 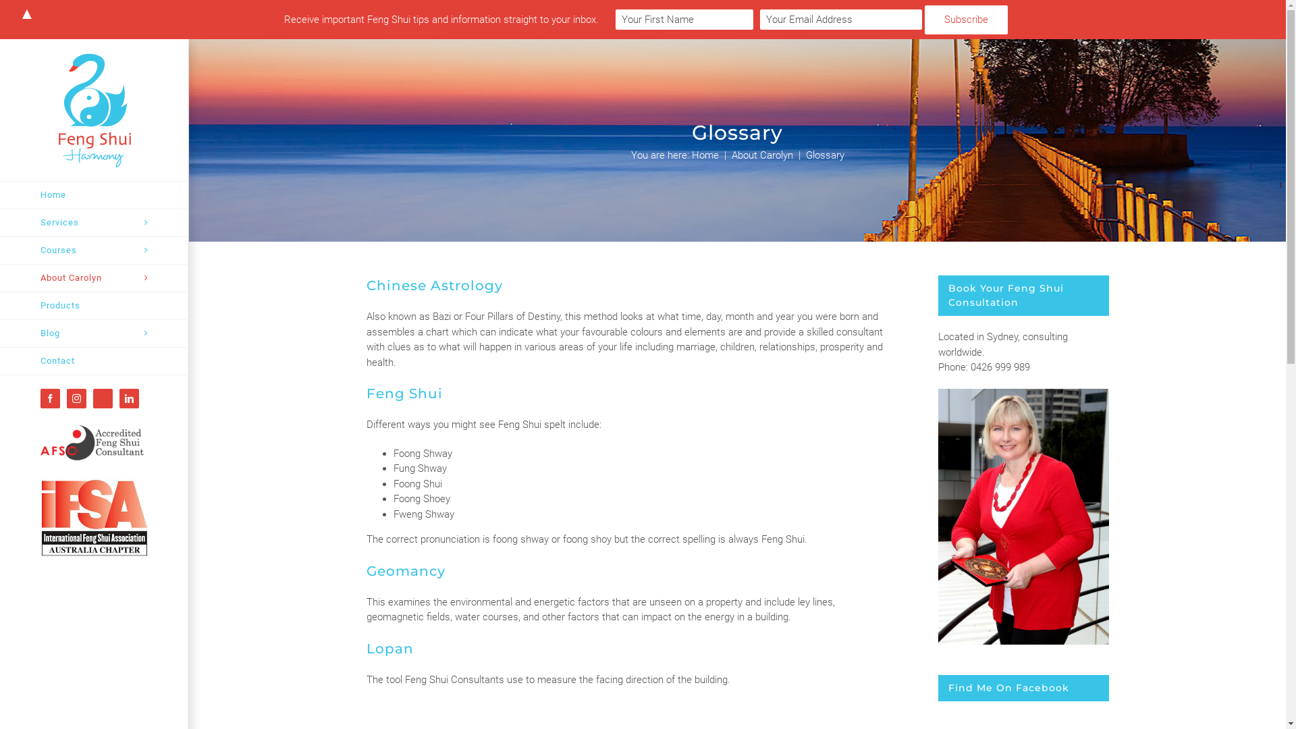 I want to click on 'LinkedIn', so click(x=129, y=398).